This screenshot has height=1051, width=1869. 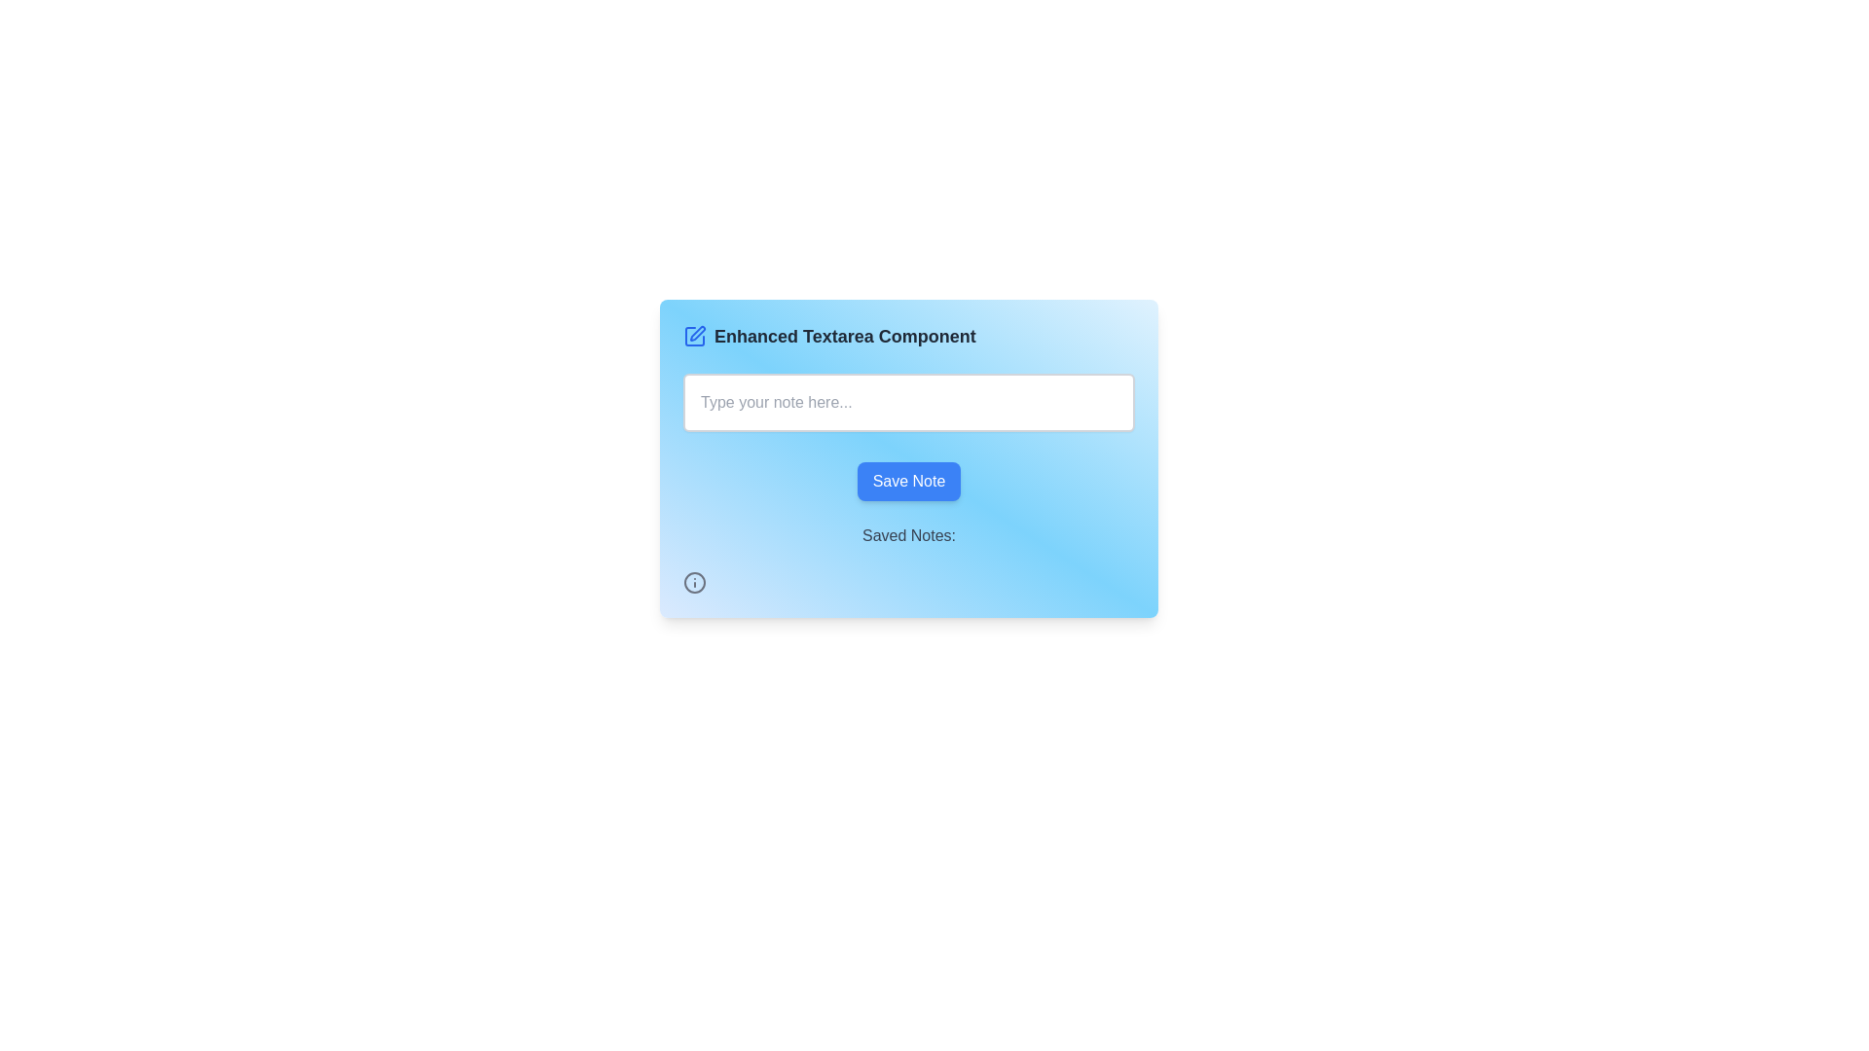 What do you see at coordinates (695, 581) in the screenshot?
I see `the circular information icon with a light-gray outline located at the bottom left of the card section, below the 'Saved Notes:' text` at bounding box center [695, 581].